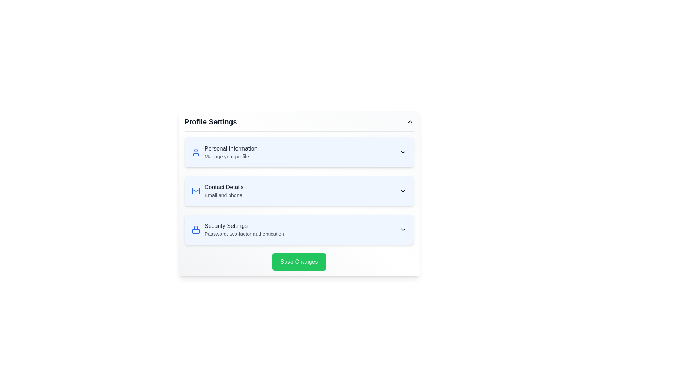 This screenshot has height=387, width=688. What do you see at coordinates (231, 156) in the screenshot?
I see `the static text label that provides descriptive assistance for the 'Personal Information' section, located below the 'Personal Information' heading` at bounding box center [231, 156].